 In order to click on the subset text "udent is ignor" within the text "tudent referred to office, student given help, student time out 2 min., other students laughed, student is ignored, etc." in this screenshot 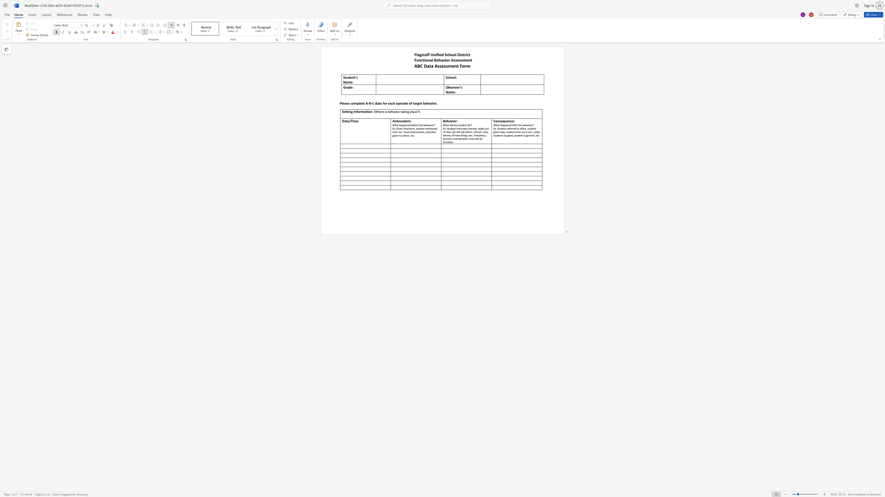, I will do `click(516, 135)`.